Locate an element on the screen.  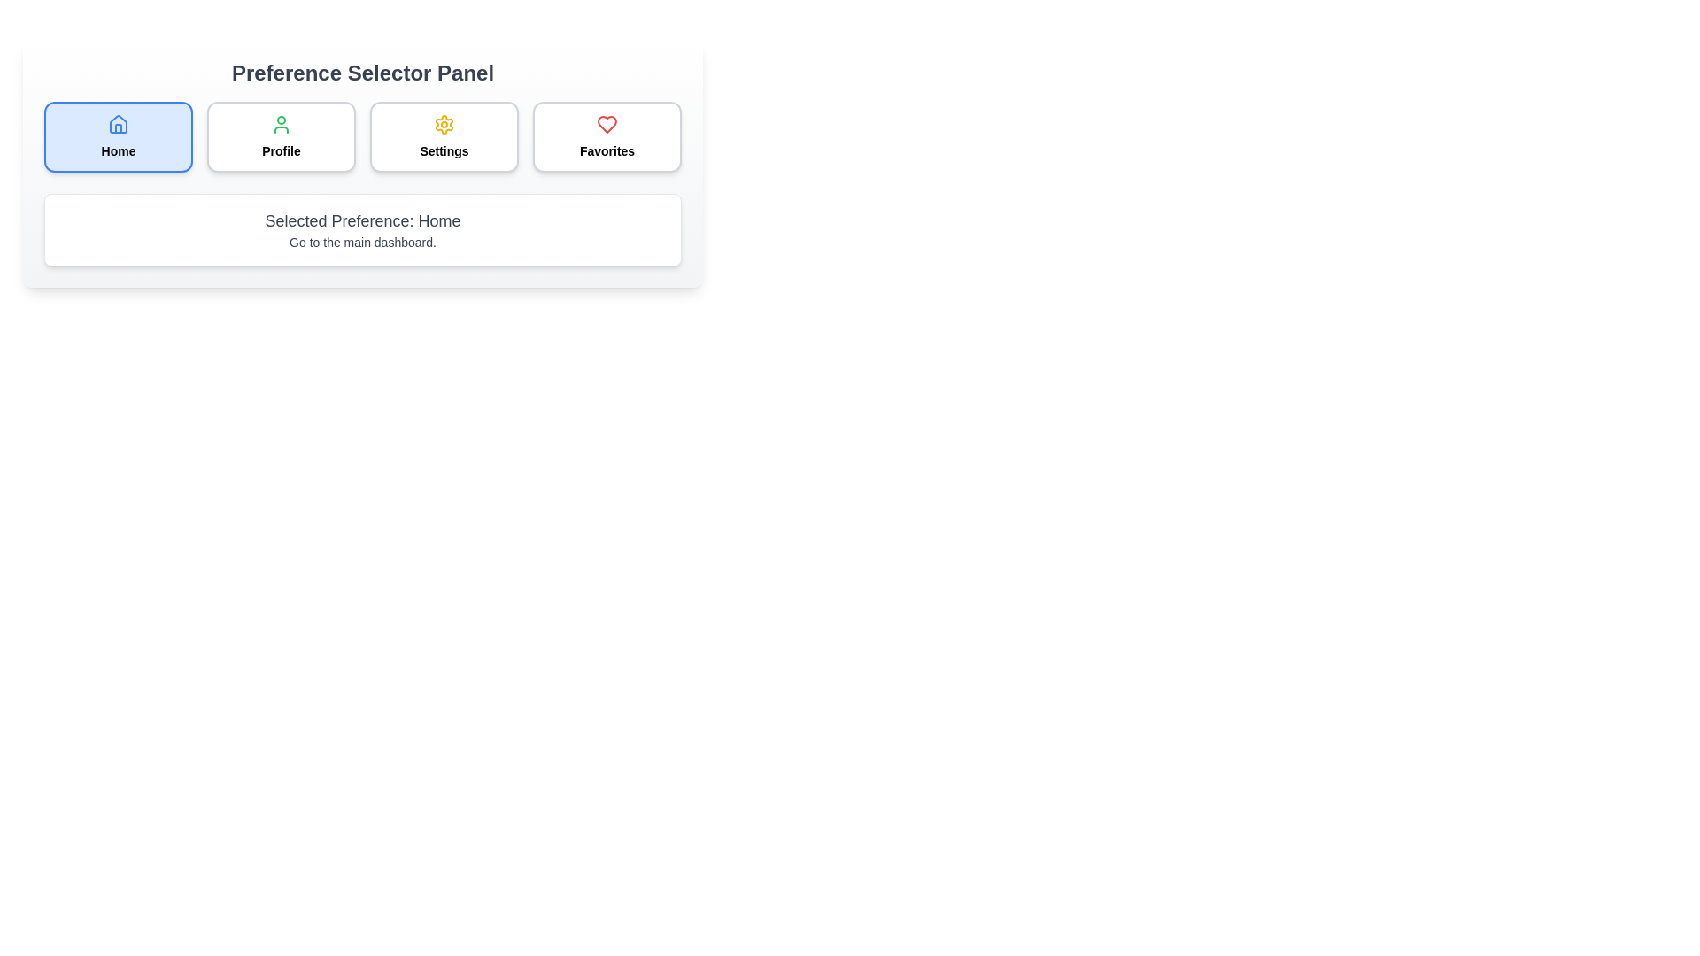
the 'Favorites' text label, which is slightly bold, small, and styled in black, positioned below a red heart icon within a white rounded rectangular button is located at coordinates (607, 150).